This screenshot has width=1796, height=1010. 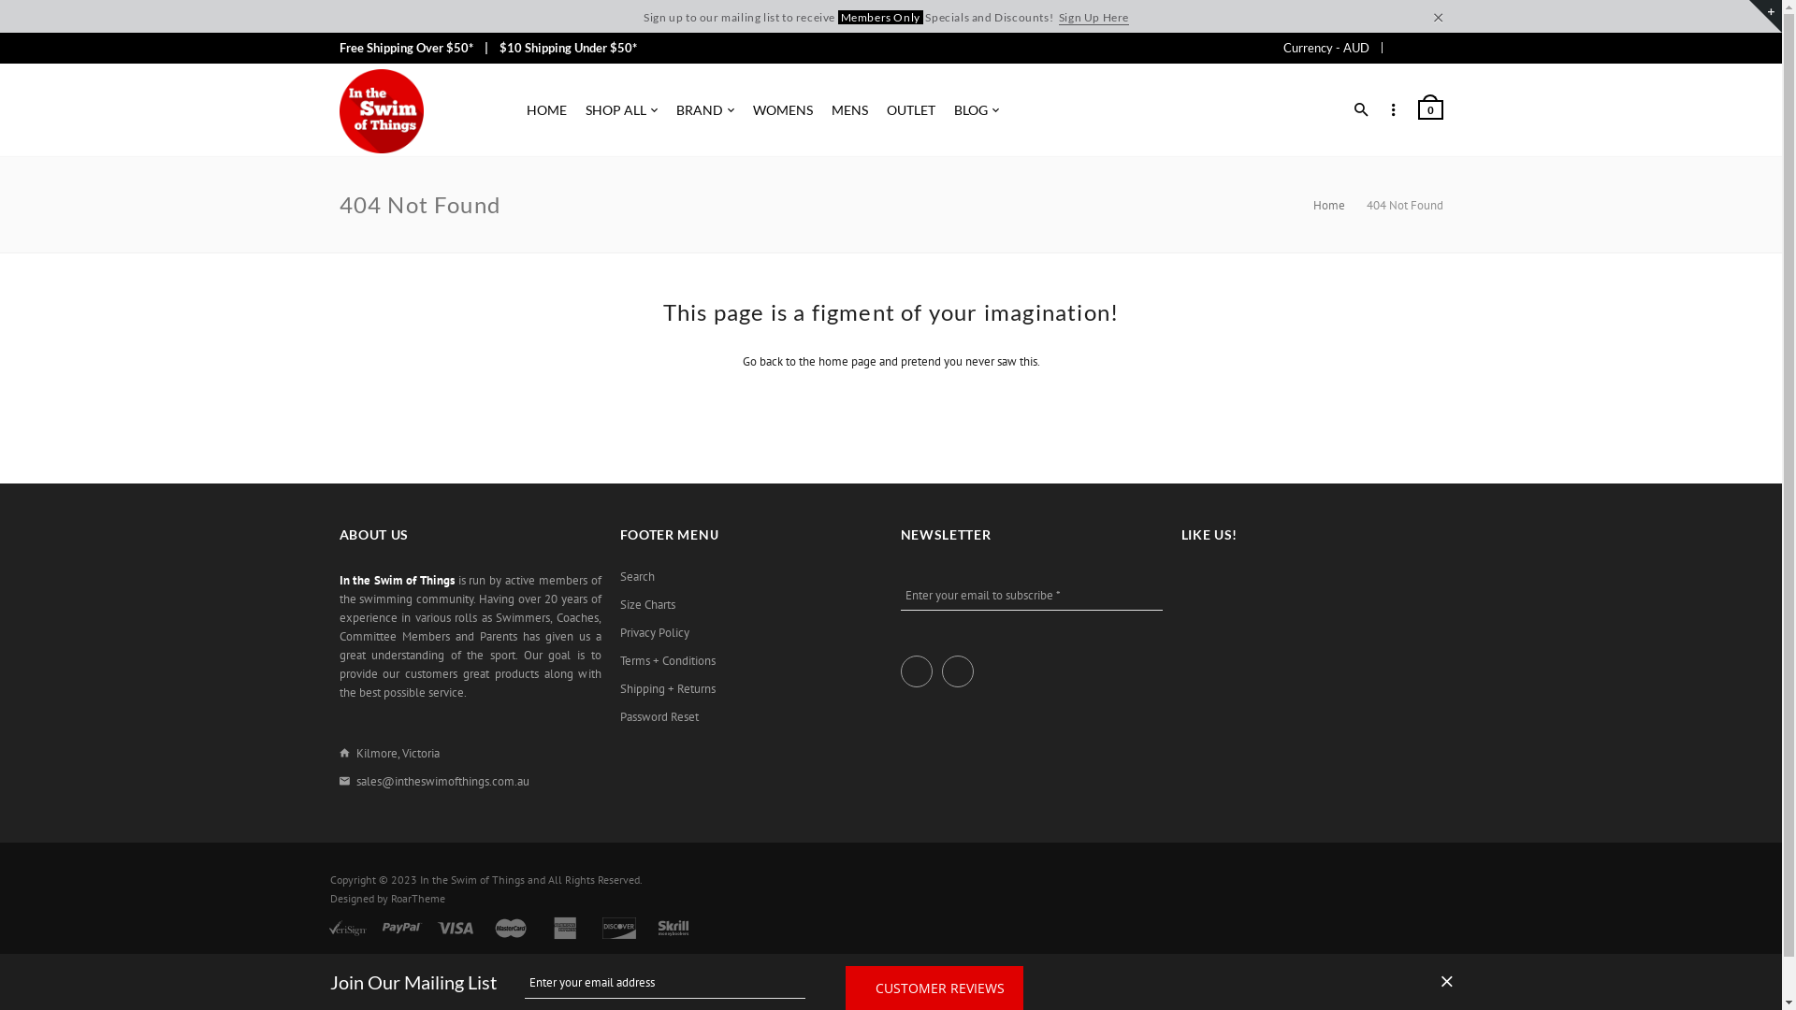 I want to click on 'Sign Up Here', so click(x=1059, y=18).